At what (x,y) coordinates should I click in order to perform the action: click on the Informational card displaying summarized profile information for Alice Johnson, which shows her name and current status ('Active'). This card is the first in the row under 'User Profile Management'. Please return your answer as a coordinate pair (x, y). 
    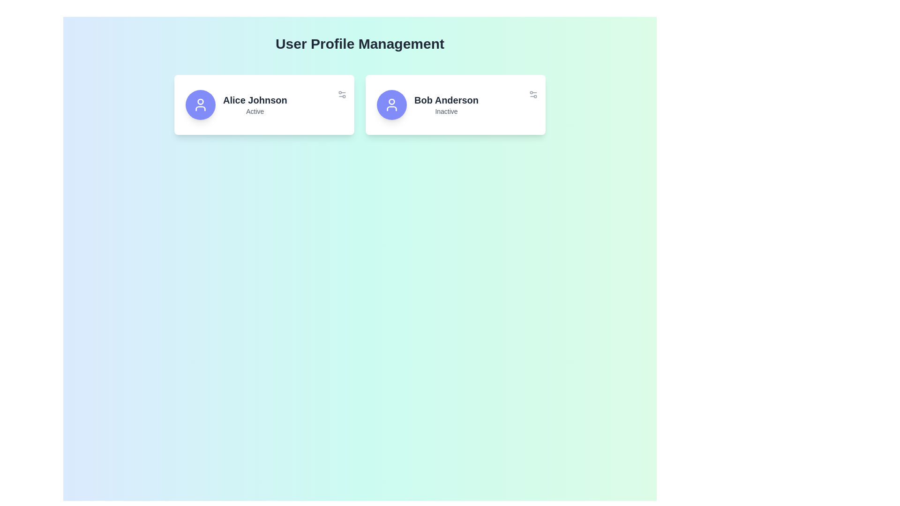
    Looking at the image, I should click on (264, 104).